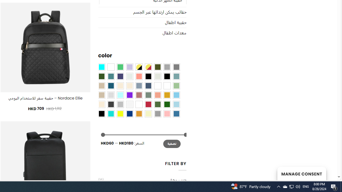 This screenshot has height=192, width=342. Describe the element at coordinates (110, 85) in the screenshot. I see `'Capri Blue'` at that location.